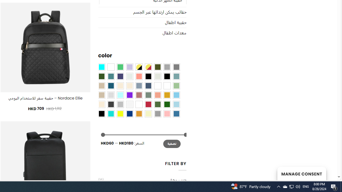 This screenshot has height=192, width=342. Describe the element at coordinates (110, 85) in the screenshot. I see `'Capri Blue'` at that location.